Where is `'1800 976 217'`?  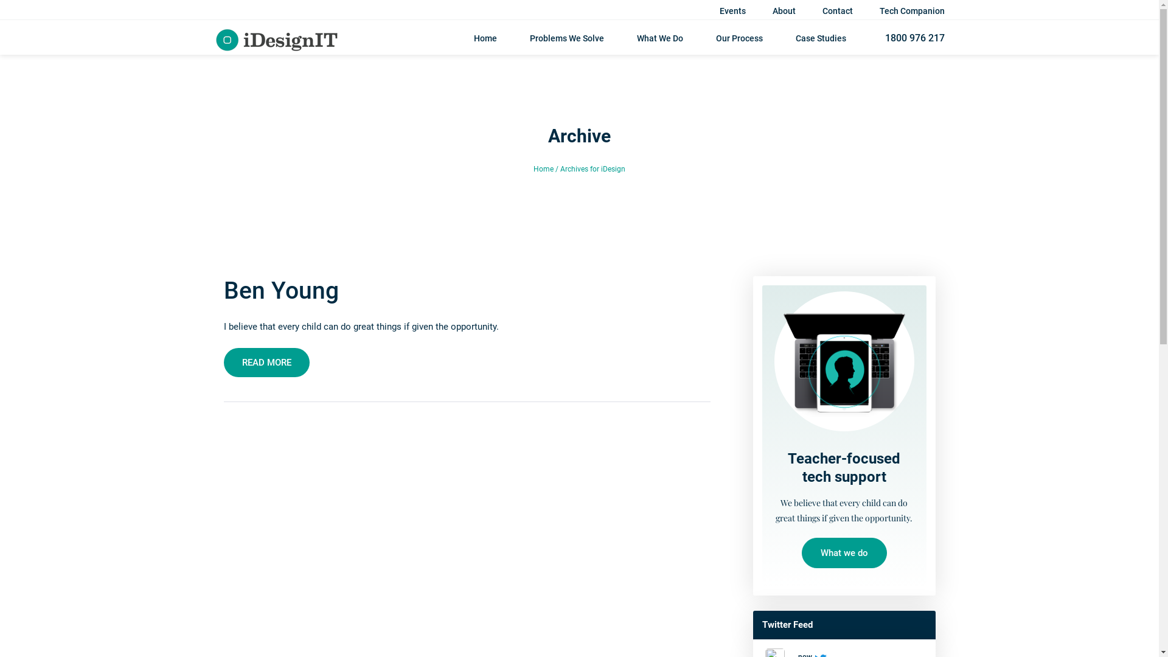 '1800 976 217' is located at coordinates (911, 37).